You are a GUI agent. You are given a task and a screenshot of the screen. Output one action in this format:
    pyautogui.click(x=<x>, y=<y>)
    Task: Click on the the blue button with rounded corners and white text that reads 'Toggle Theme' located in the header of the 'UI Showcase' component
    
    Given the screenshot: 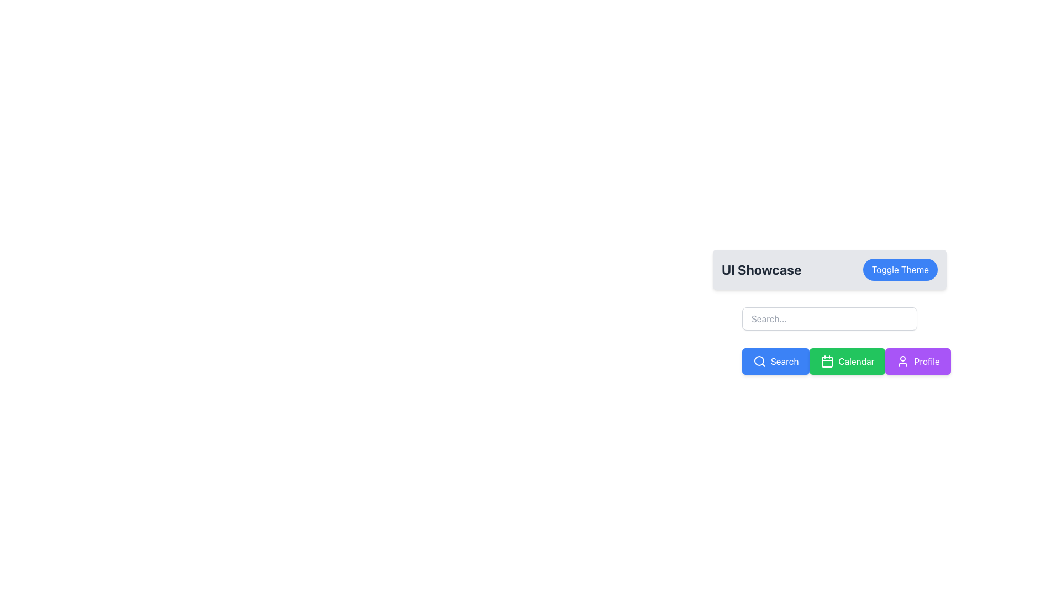 What is the action you would take?
    pyautogui.click(x=900, y=270)
    